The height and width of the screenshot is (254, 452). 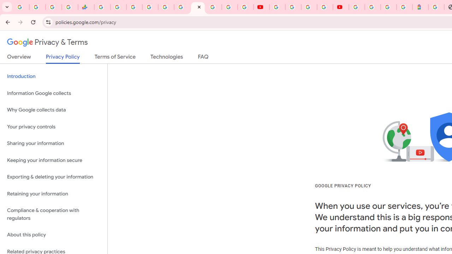 I want to click on 'Exporting & deleting your information', so click(x=53, y=177).